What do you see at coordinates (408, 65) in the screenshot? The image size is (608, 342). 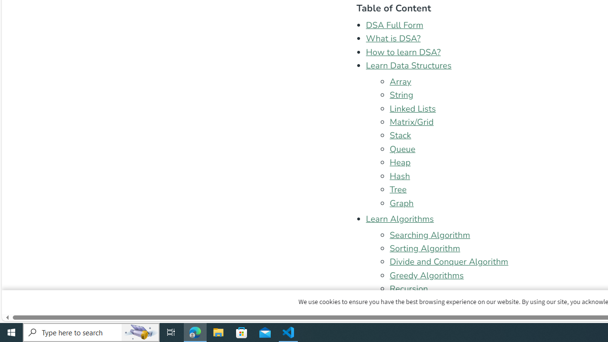 I see `'Learn Data Structures'` at bounding box center [408, 65].